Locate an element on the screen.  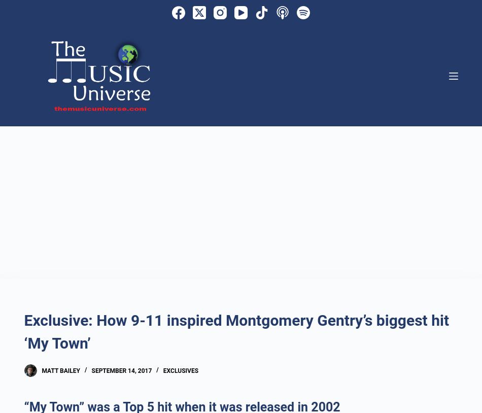
'There is no word on whether Jeffrey Steele will perform at Gentry’s funeral, which is set to take place at the' is located at coordinates (24, 114).